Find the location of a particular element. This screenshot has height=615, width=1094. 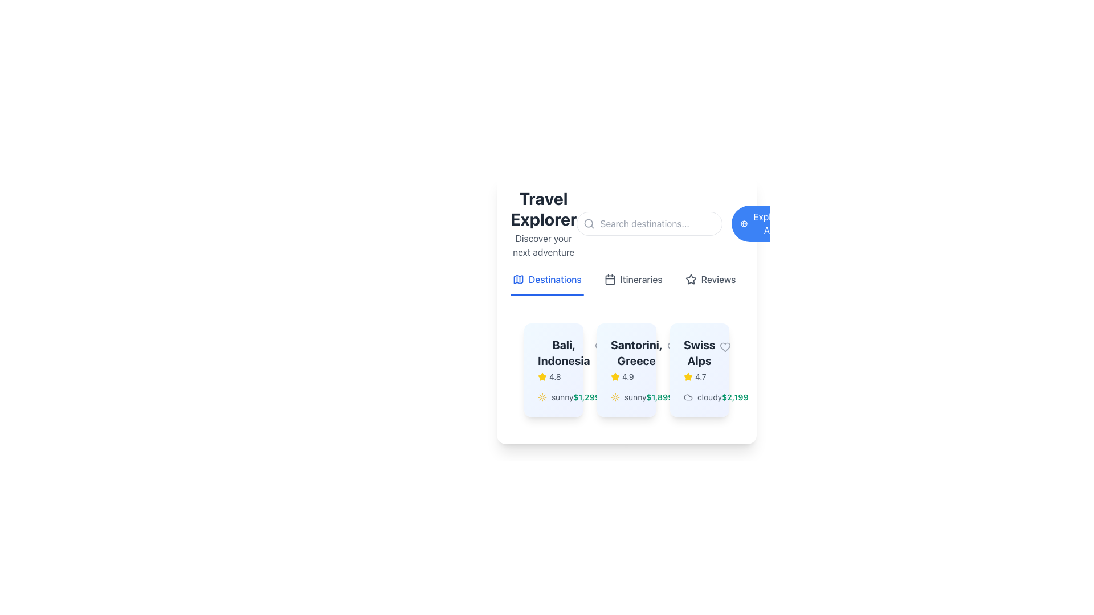

the weather label with icon located below the title 'Bali, Indonesia' and the rating star icon for additional actions is located at coordinates (555, 397).